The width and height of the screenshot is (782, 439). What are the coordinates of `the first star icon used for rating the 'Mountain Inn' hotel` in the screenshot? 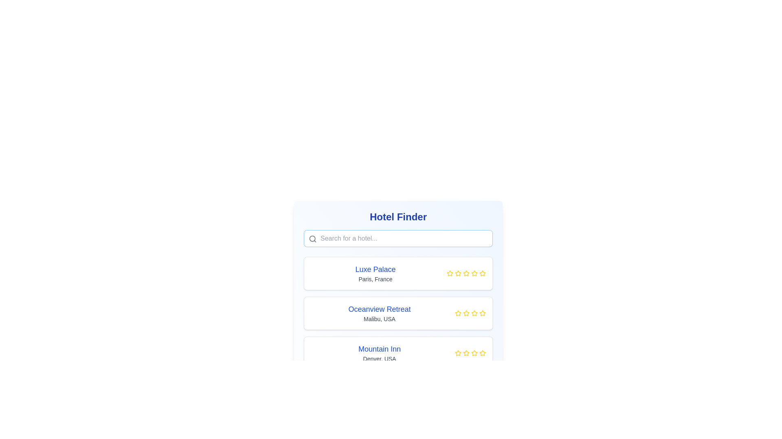 It's located at (483, 352).